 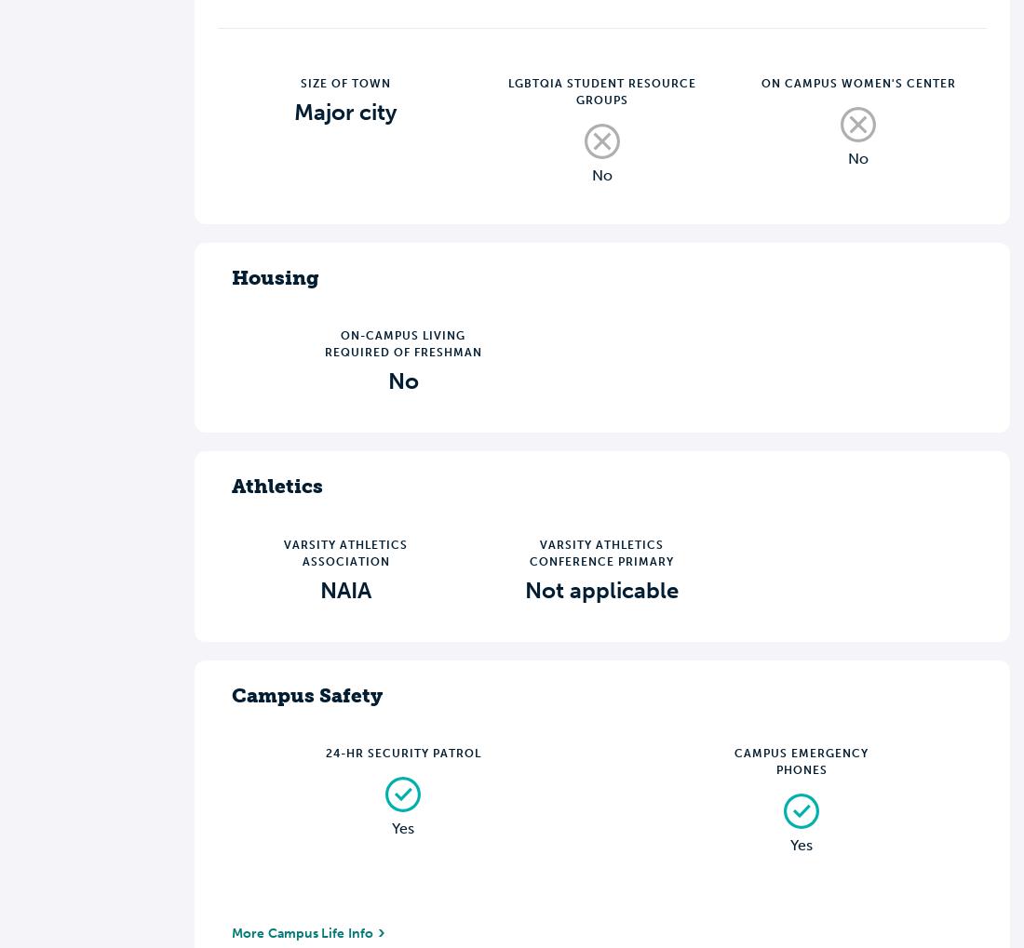 What do you see at coordinates (345, 589) in the screenshot?
I see `'NAIA'` at bounding box center [345, 589].